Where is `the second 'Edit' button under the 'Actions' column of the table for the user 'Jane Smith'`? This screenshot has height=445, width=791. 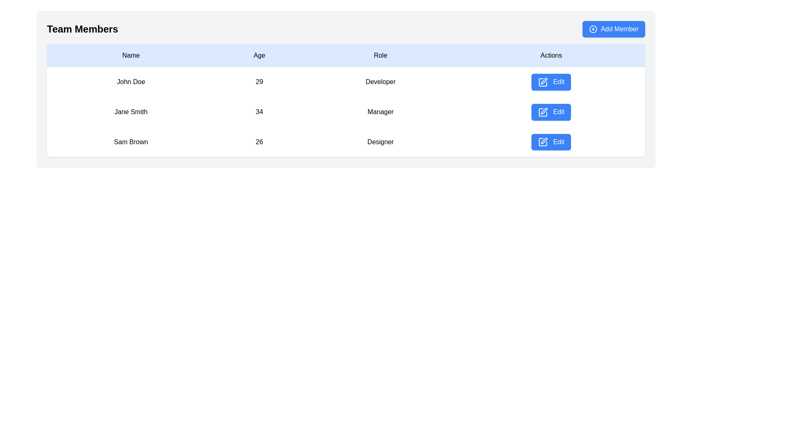
the second 'Edit' button under the 'Actions' column of the table for the user 'Jane Smith' is located at coordinates (551, 112).